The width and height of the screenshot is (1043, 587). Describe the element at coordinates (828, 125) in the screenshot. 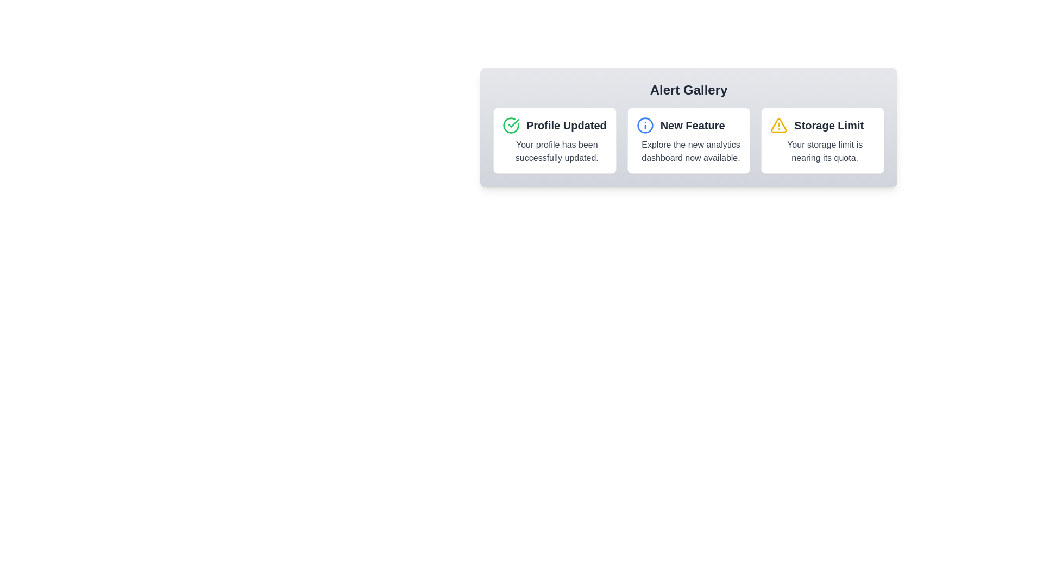

I see `the 'Storage Limit' text label which is part of an alert message in the 'Alert Gallery' section, located in the third column, following a warning icon` at that location.